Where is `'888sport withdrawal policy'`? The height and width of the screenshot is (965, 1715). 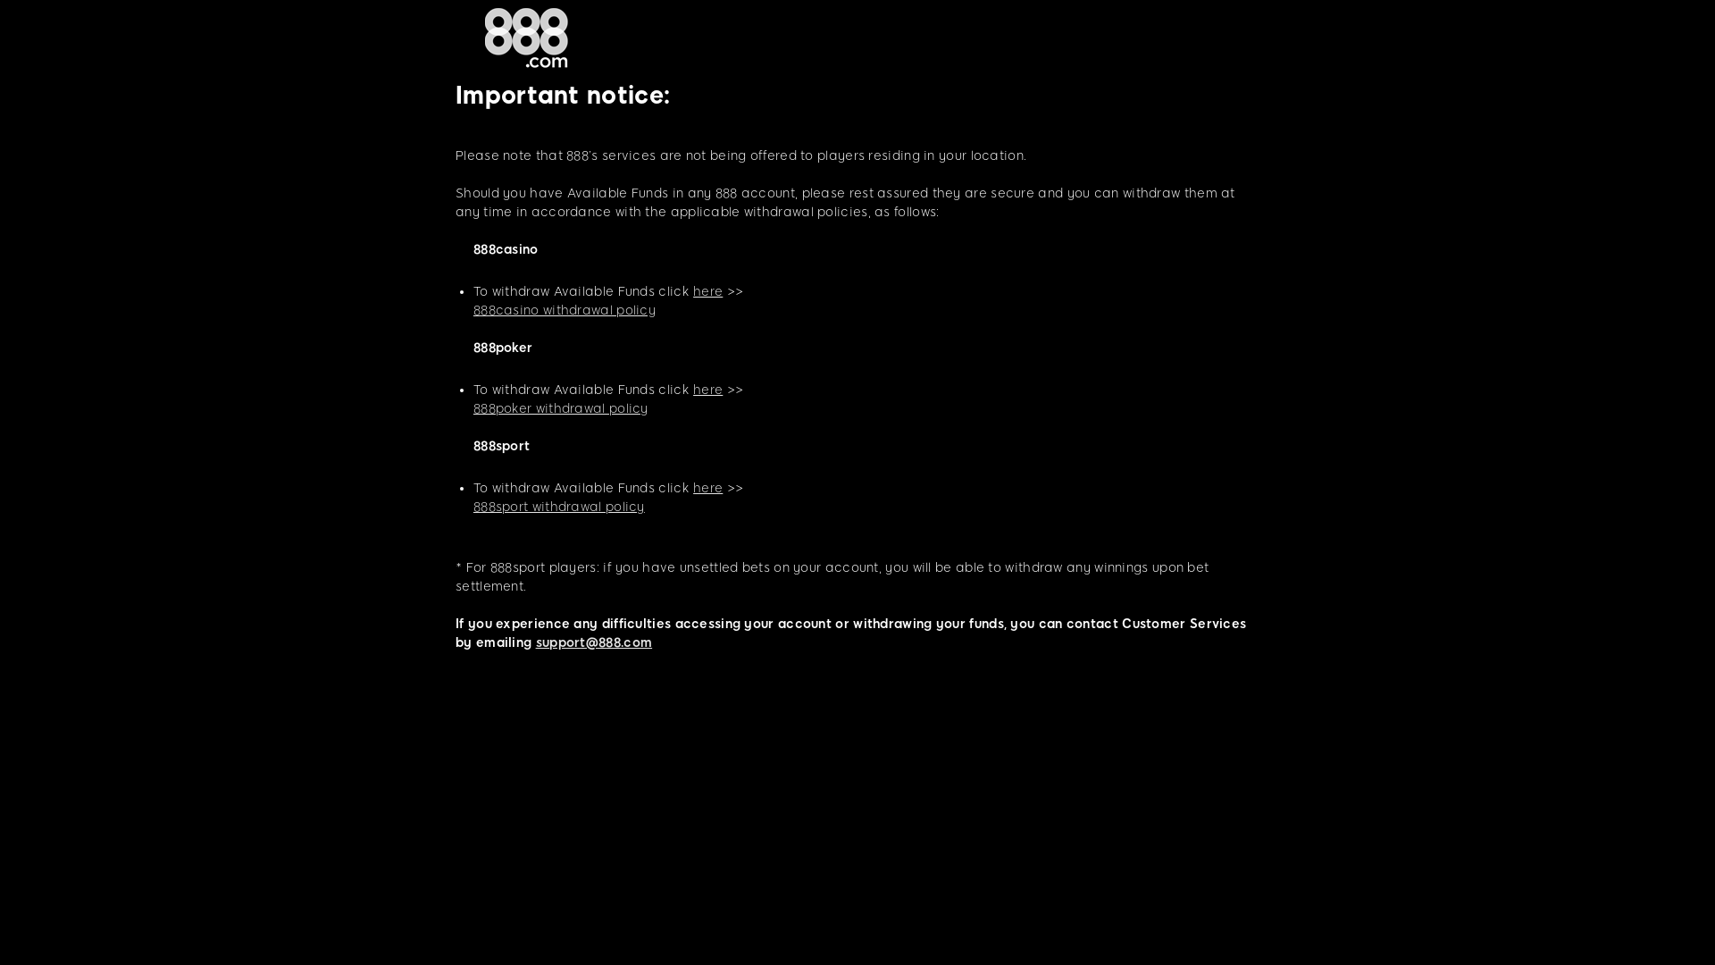
'888sport withdrawal policy' is located at coordinates (557, 507).